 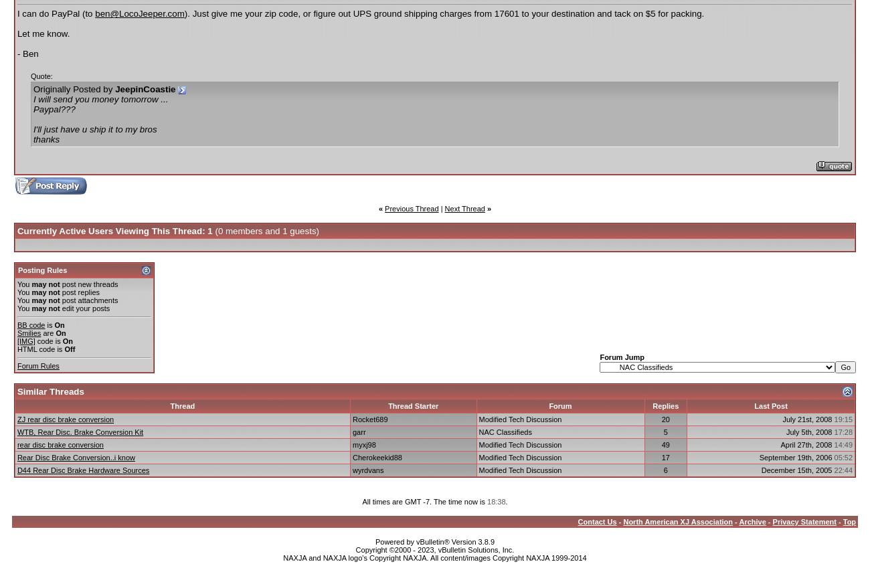 What do you see at coordinates (677, 520) in the screenshot?
I see `'North American XJ Association'` at bounding box center [677, 520].